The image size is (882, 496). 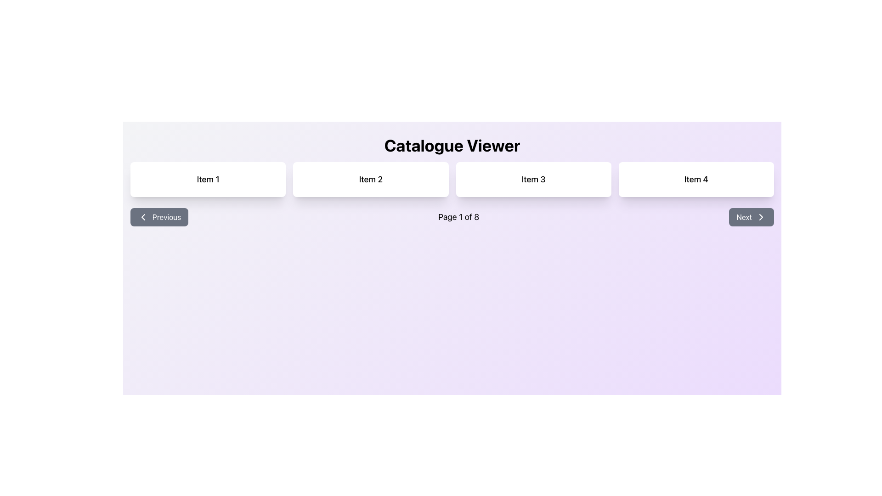 I want to click on the fourth item in the horizontally-aligned grid, which is a selectable Box displaying text located to the right of 'Item 3' and to the left of the 'Next' button, so click(x=696, y=179).